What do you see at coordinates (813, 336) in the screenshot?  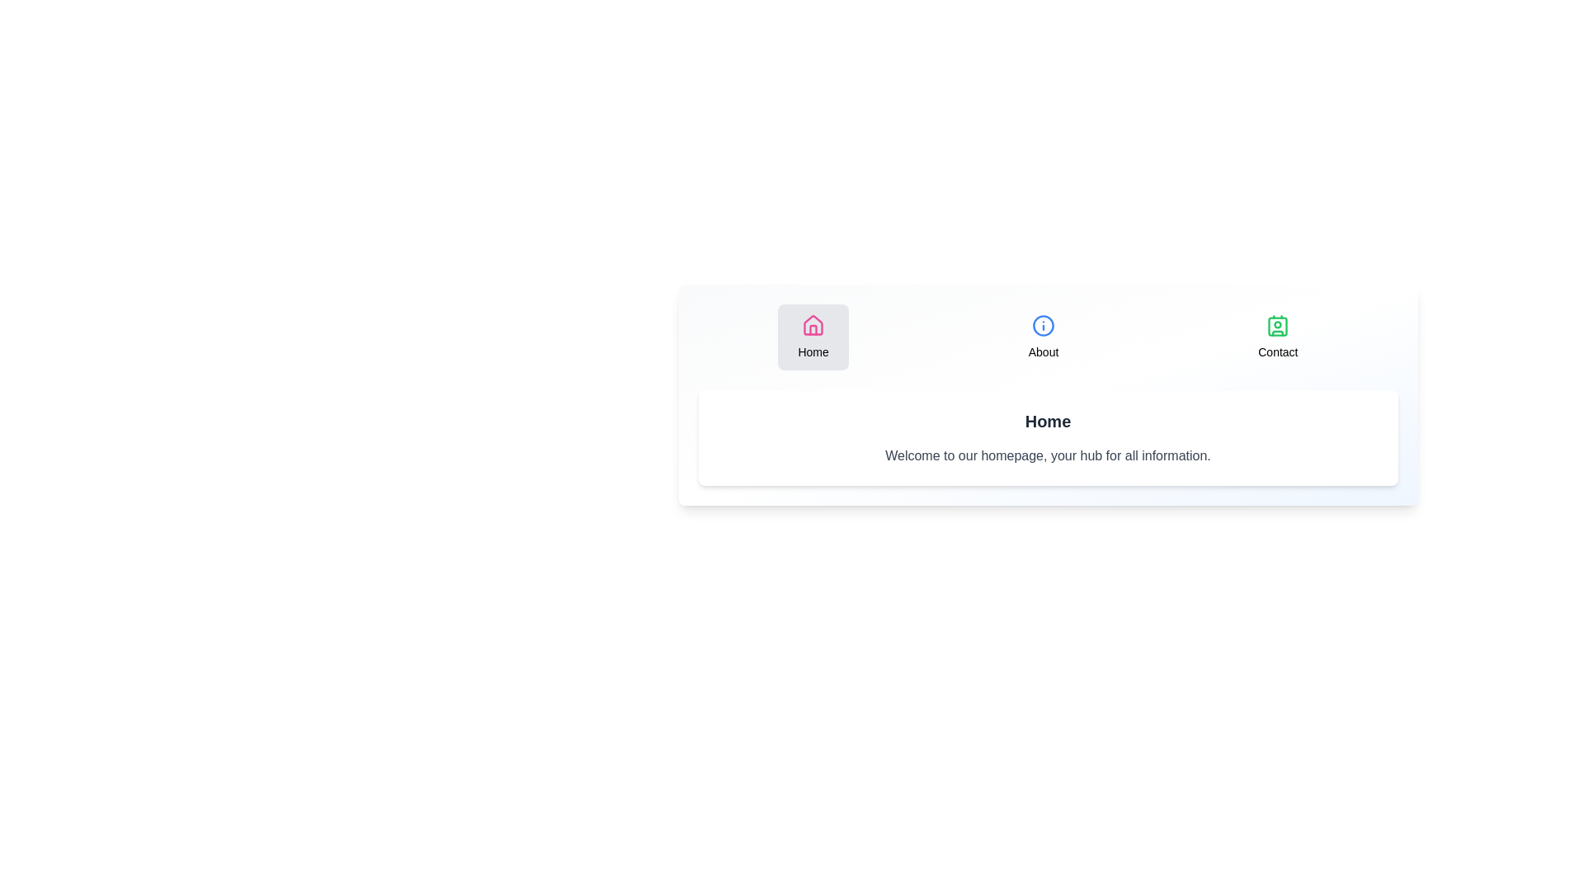 I see `the Home tab` at bounding box center [813, 336].